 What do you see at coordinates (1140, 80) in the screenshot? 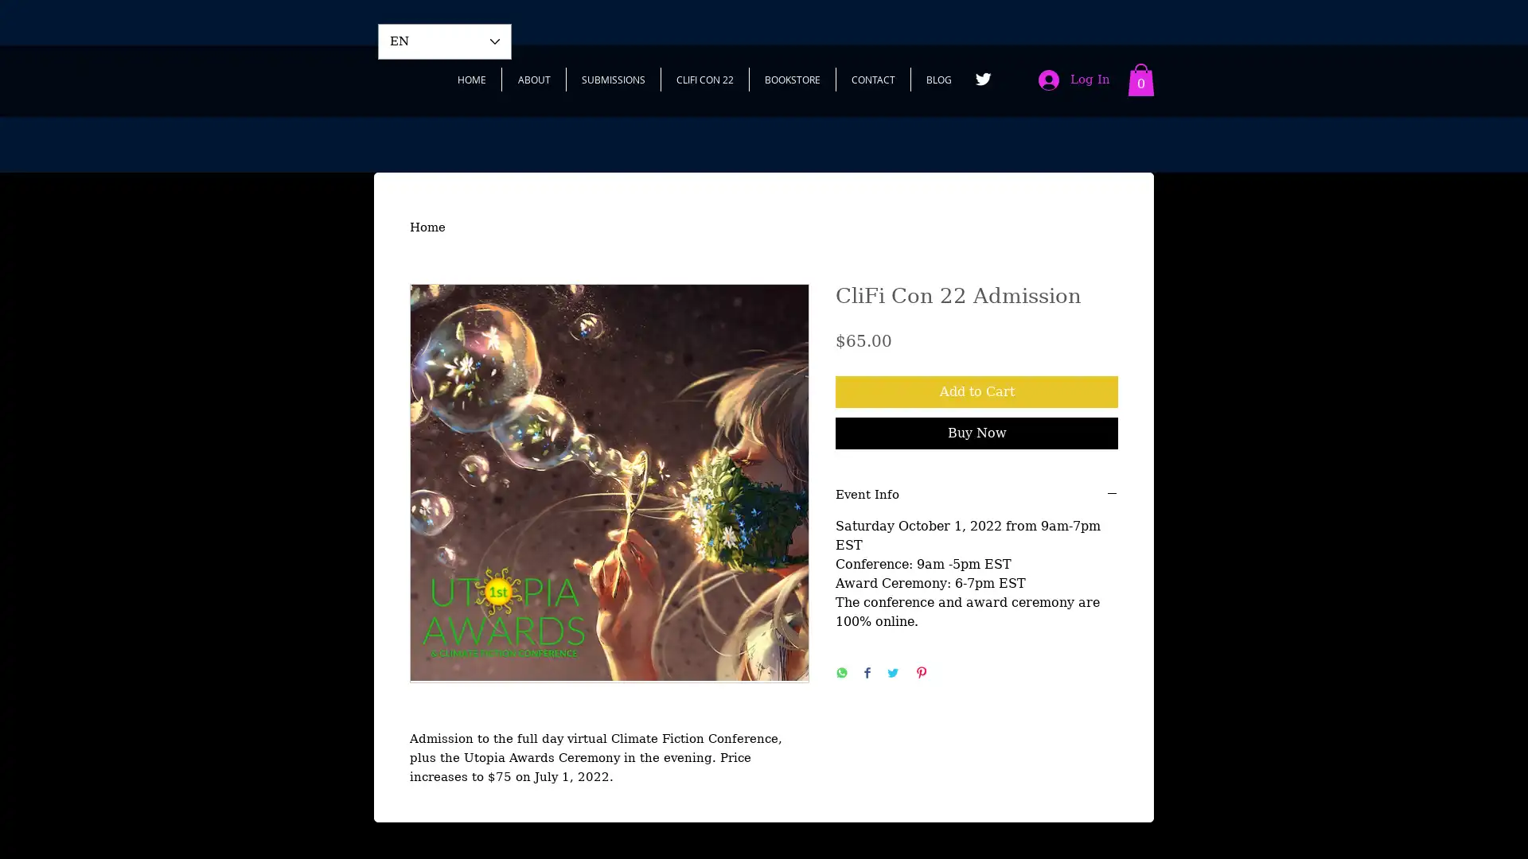
I see `Cart with 0 items` at bounding box center [1140, 80].